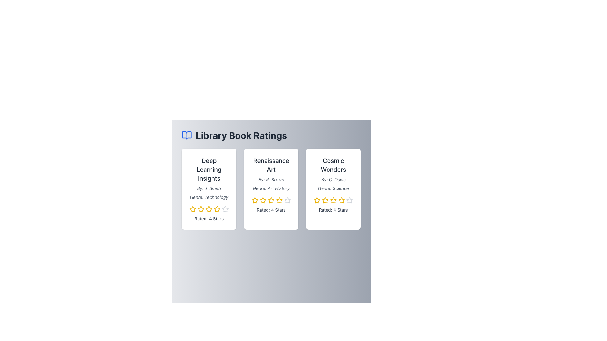 This screenshot has width=607, height=341. What do you see at coordinates (209, 218) in the screenshot?
I see `the text label that displays 'Rated: 4 Stars' located at the bottom of the 'Deep Learning Insights' card, below the star rating icons` at bounding box center [209, 218].